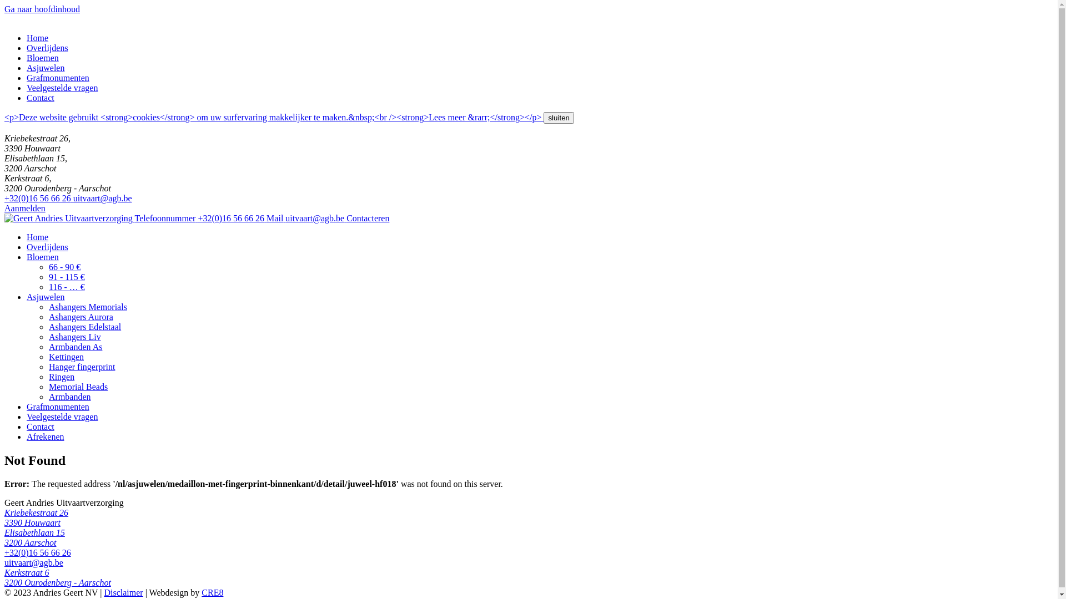 The image size is (1066, 599). Describe the element at coordinates (69, 396) in the screenshot. I see `'Armbanden'` at that location.